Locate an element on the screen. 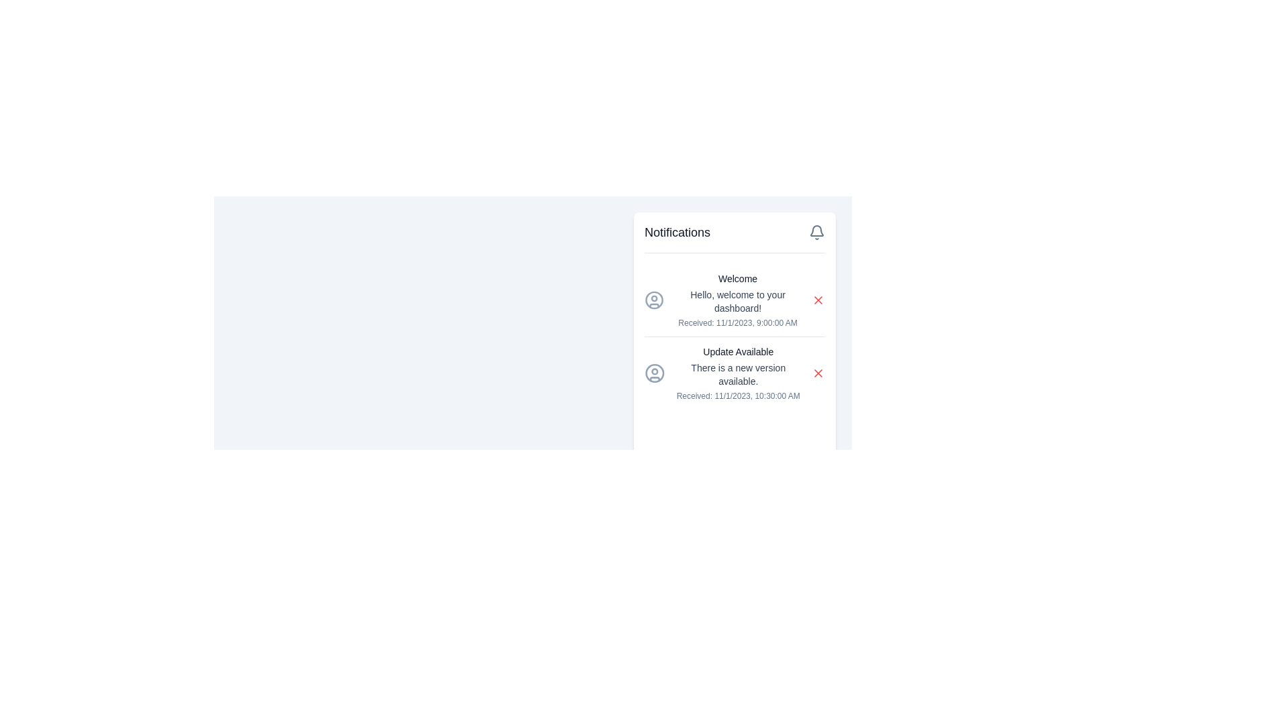  the static text label displaying 'Notifications' in large, bold, dark slate grey typography located in the top-left corner of the notification panel is located at coordinates (678, 232).